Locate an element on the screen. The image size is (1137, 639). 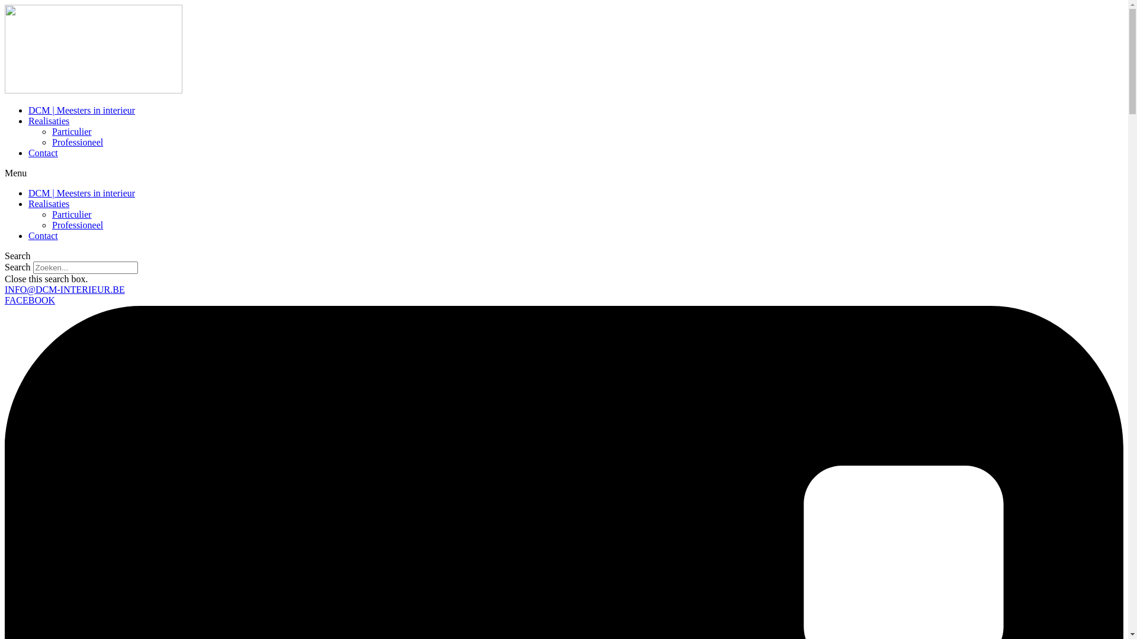
'FACEBOOK' is located at coordinates (5, 299).